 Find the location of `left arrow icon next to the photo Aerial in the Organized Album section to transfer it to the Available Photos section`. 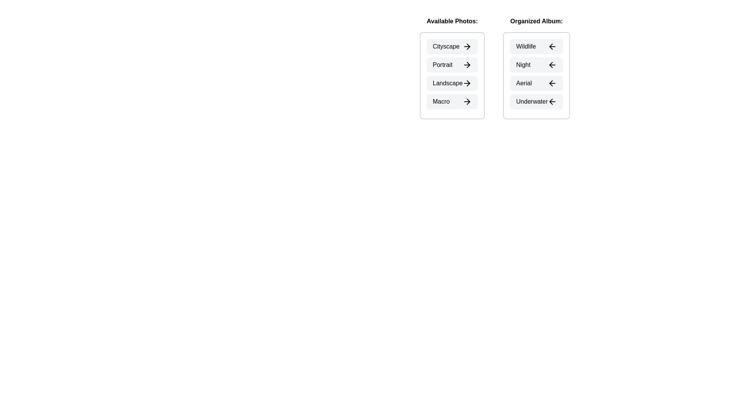

left arrow icon next to the photo Aerial in the Organized Album section to transfer it to the Available Photos section is located at coordinates (552, 83).